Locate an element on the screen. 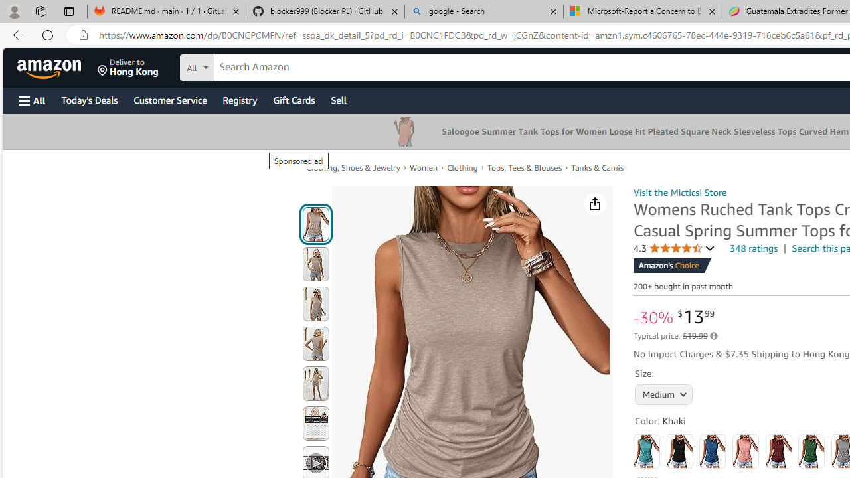 The image size is (850, 478). 'Customer Service' is located at coordinates (169, 99).